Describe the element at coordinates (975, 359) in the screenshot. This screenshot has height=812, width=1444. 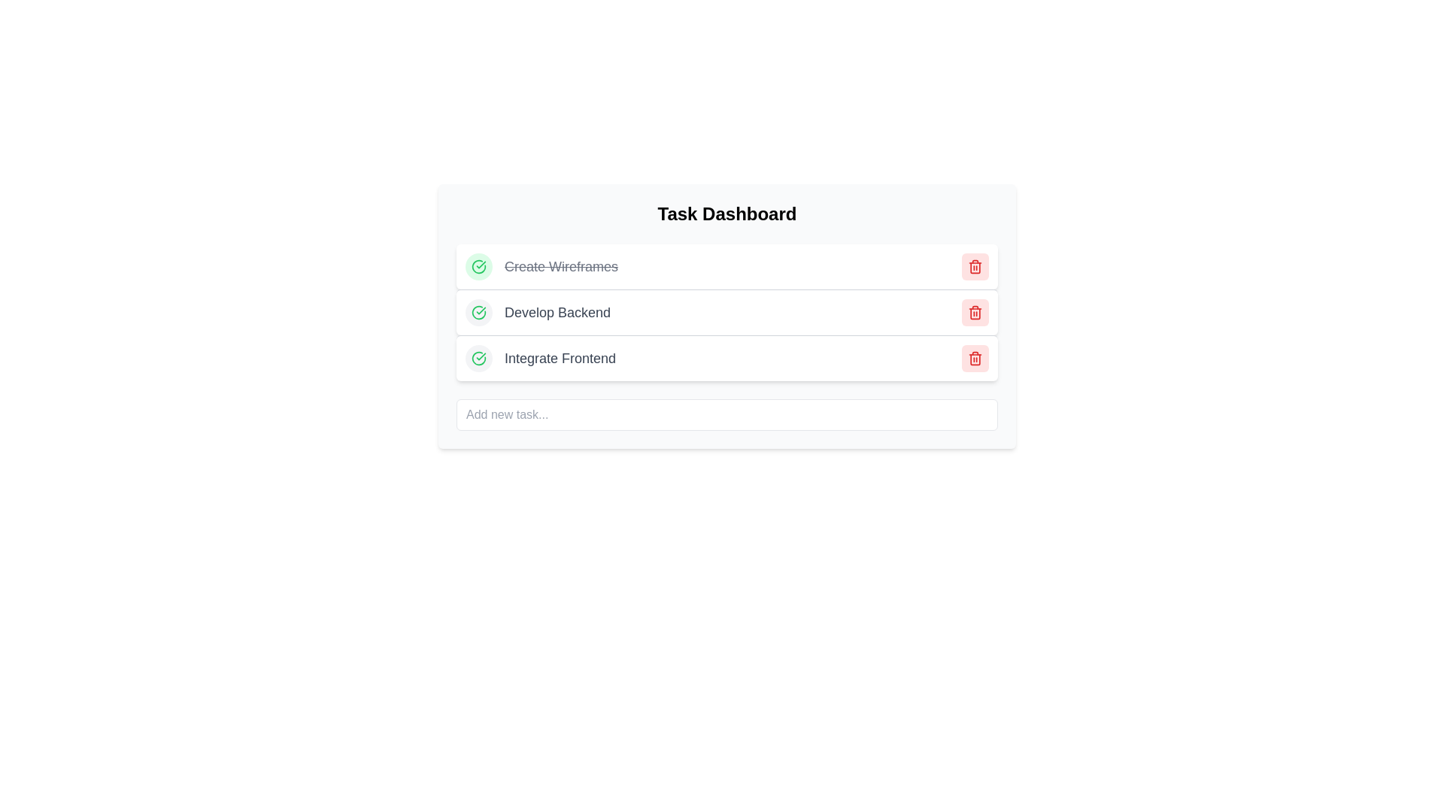
I see `the delete button for the 'Integrate Frontend' task` at that location.